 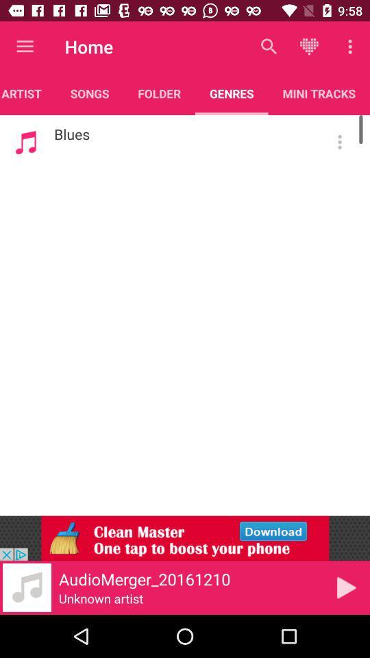 I want to click on make advertisement, so click(x=185, y=538).